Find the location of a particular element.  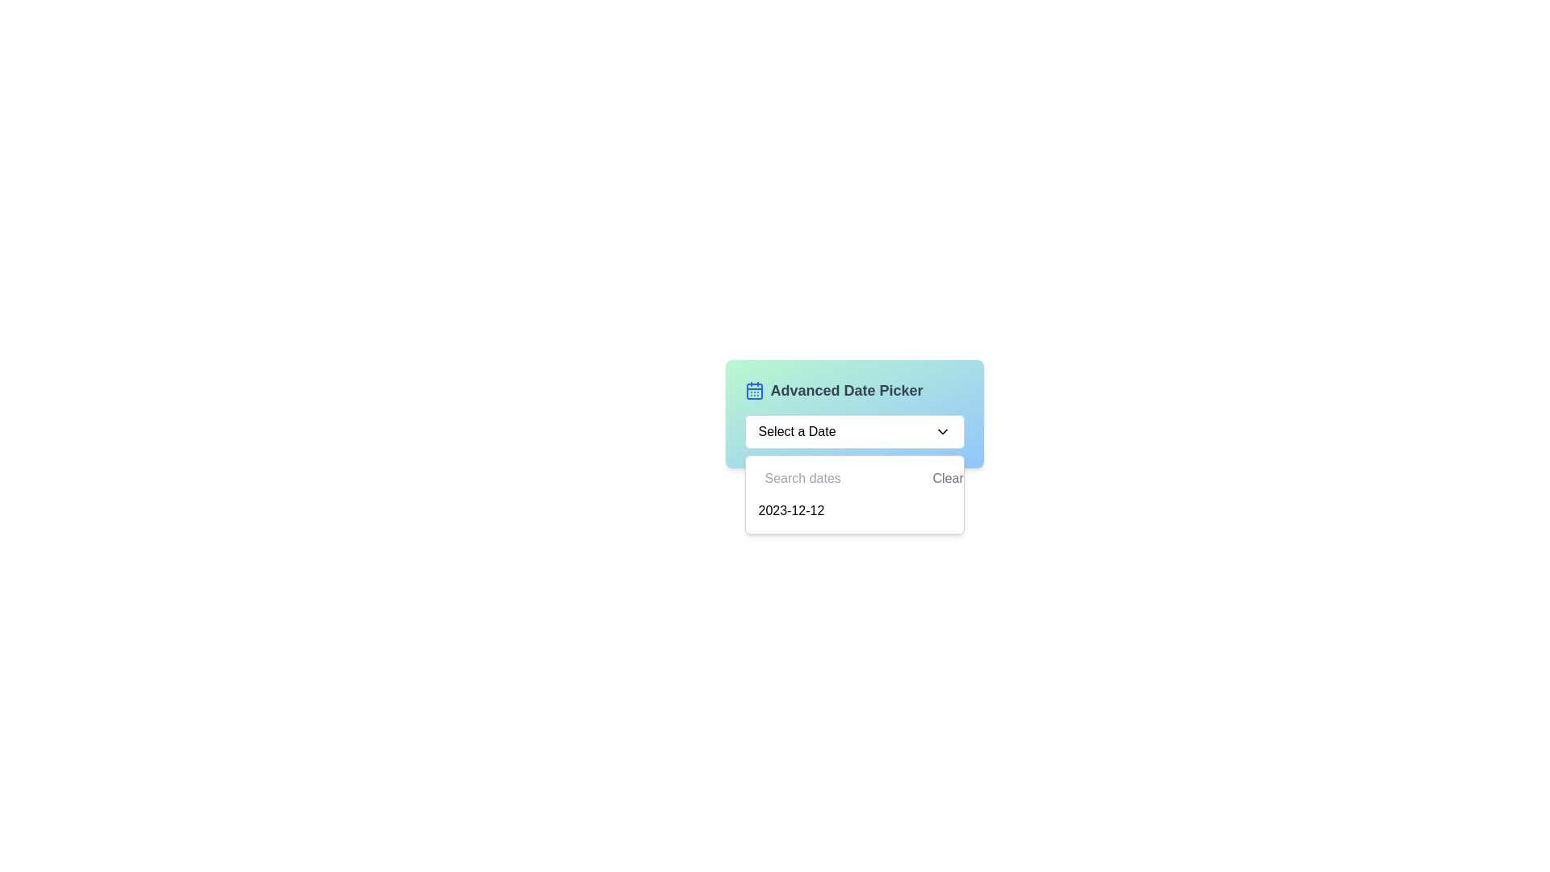

the circular part of the magnifying glass icon, which is a gray outlined SVG element without fill is located at coordinates (766, 479).